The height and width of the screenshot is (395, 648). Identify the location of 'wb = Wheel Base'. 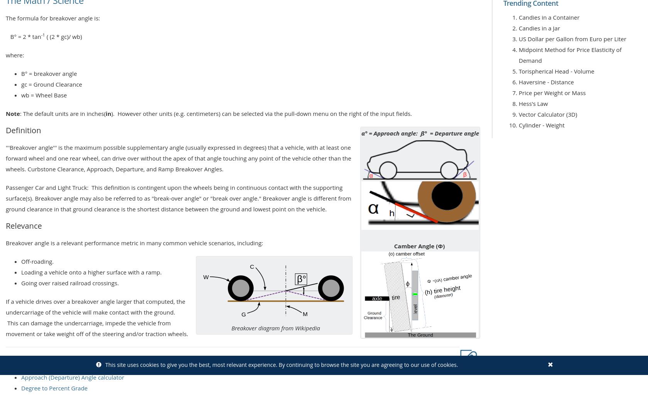
(44, 95).